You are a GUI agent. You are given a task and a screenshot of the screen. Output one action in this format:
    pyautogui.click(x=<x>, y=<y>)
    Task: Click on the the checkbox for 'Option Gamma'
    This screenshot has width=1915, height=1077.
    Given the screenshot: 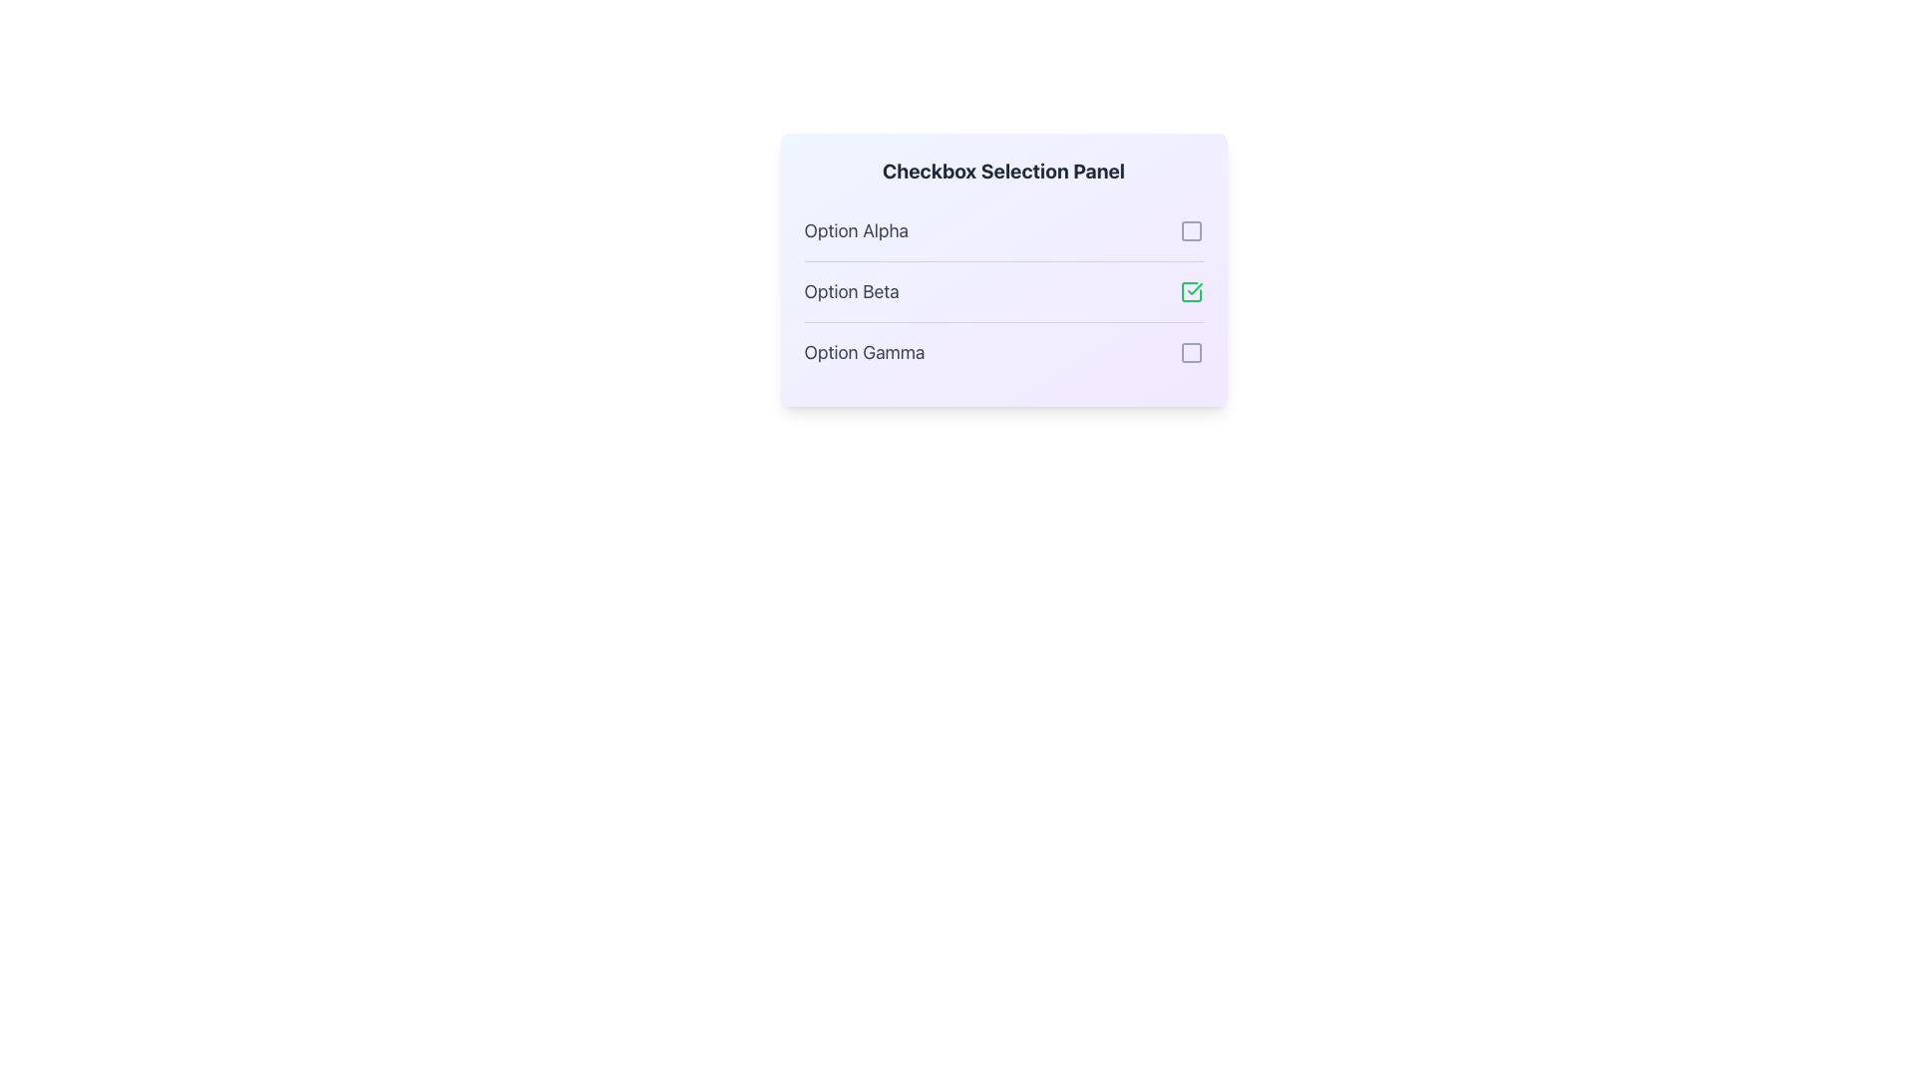 What is the action you would take?
    pyautogui.click(x=1003, y=351)
    